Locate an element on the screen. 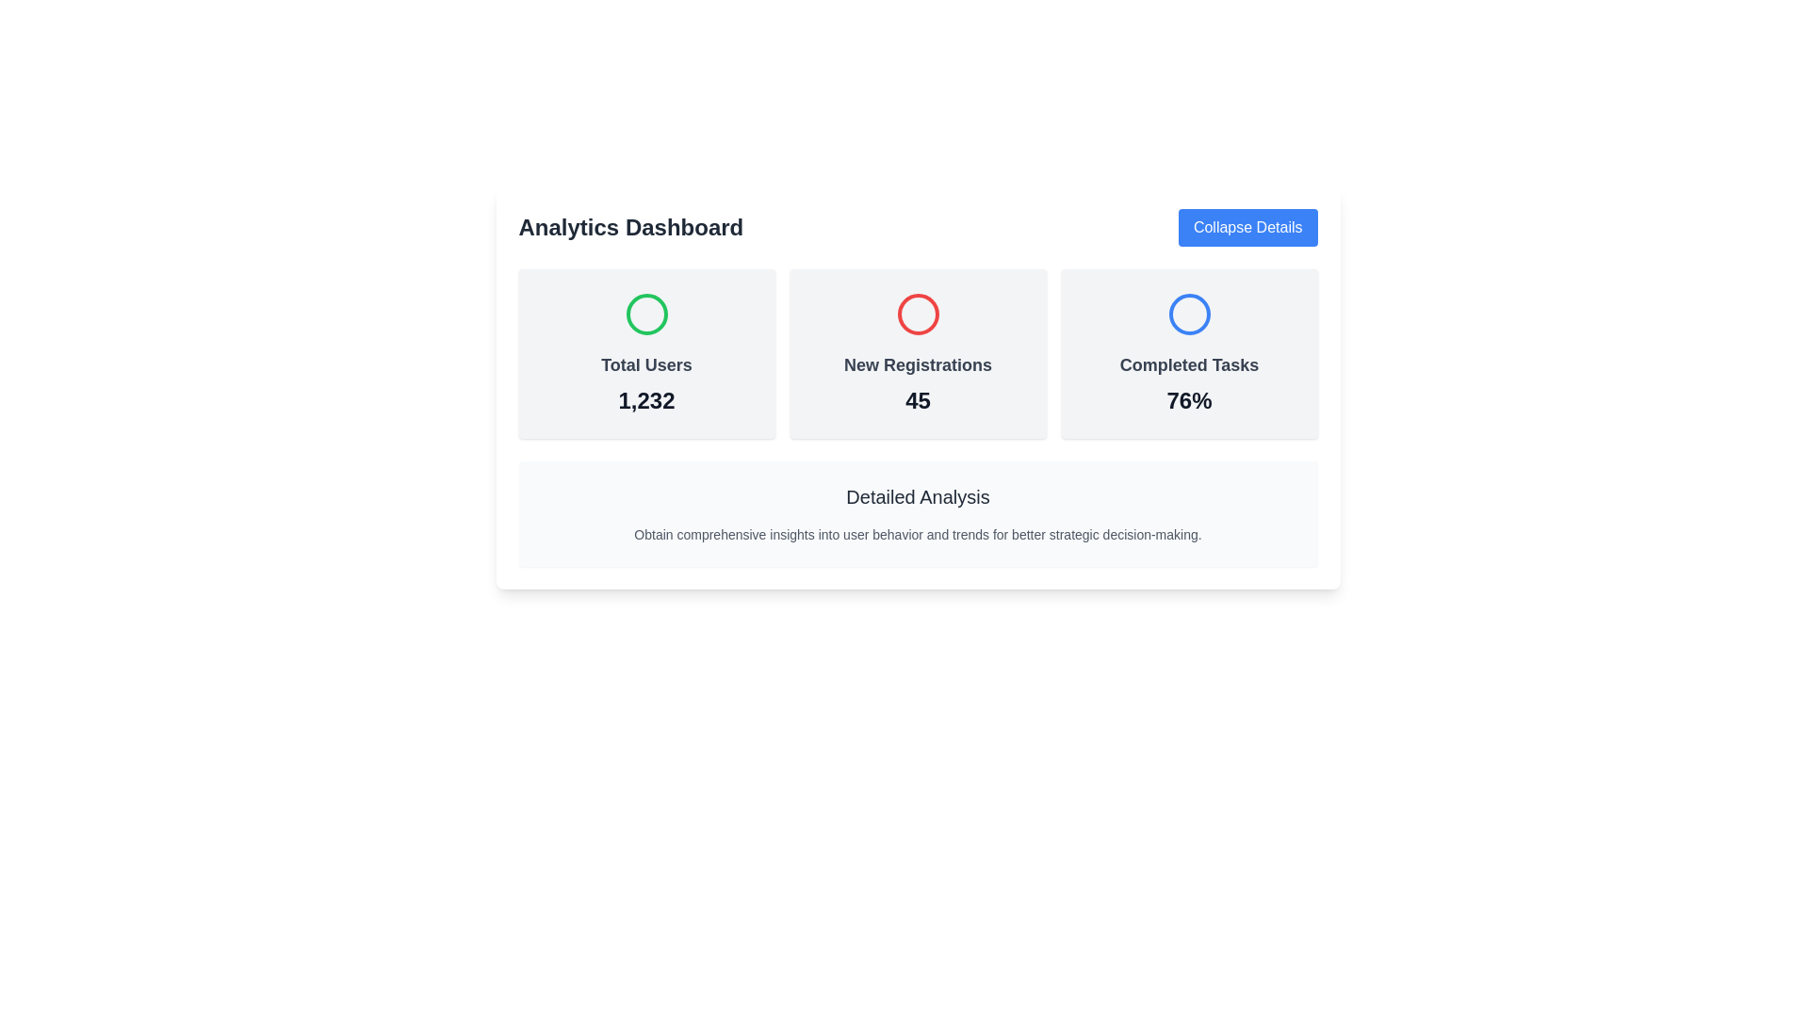  the Informational card displaying 'New Registrations' with the red circular icon and the number '45', which is the second card in a three-column grid layout is located at coordinates (918, 353).